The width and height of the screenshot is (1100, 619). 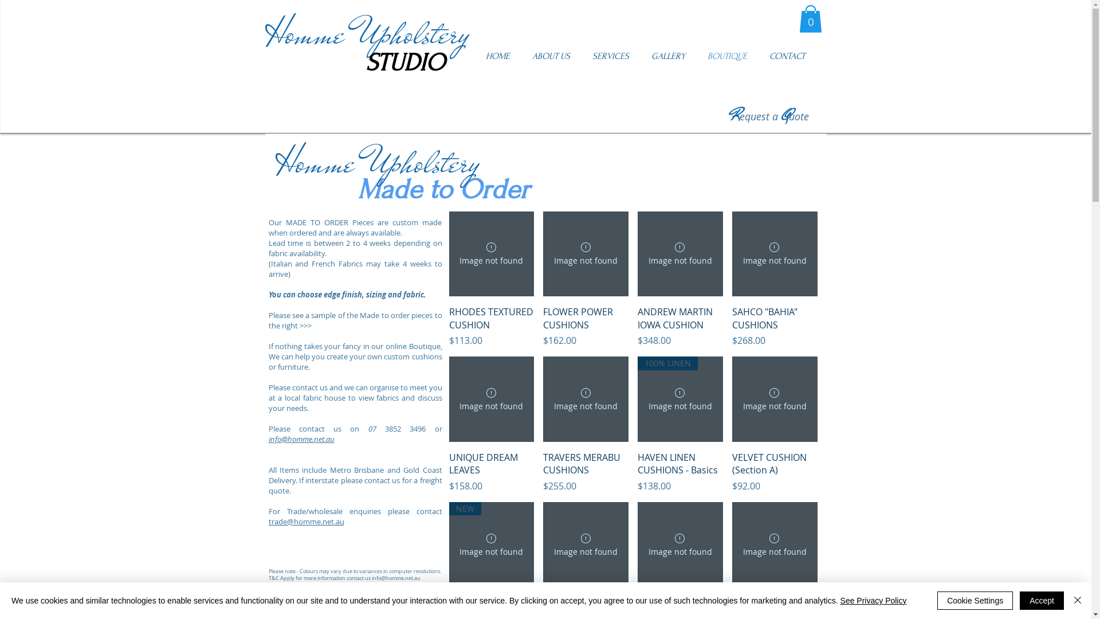 I want to click on 'TRAVERS MERABU CUSHIONS, so click(x=543, y=398).